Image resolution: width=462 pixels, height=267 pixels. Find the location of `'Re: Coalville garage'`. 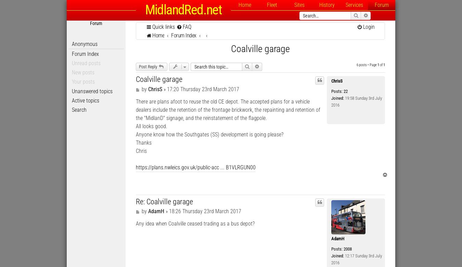

'Re: Coalville garage' is located at coordinates (164, 201).